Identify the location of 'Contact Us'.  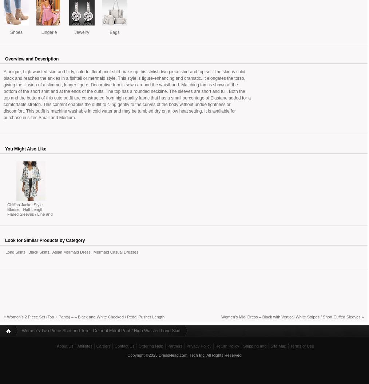
(124, 346).